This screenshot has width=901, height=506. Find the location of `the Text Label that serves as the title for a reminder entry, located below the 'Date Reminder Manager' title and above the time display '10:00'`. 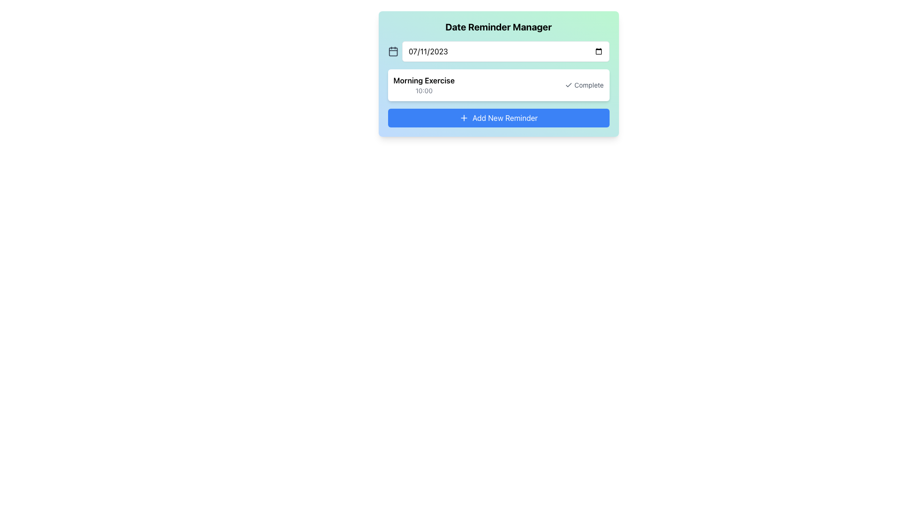

the Text Label that serves as the title for a reminder entry, located below the 'Date Reminder Manager' title and above the time display '10:00' is located at coordinates (423, 80).